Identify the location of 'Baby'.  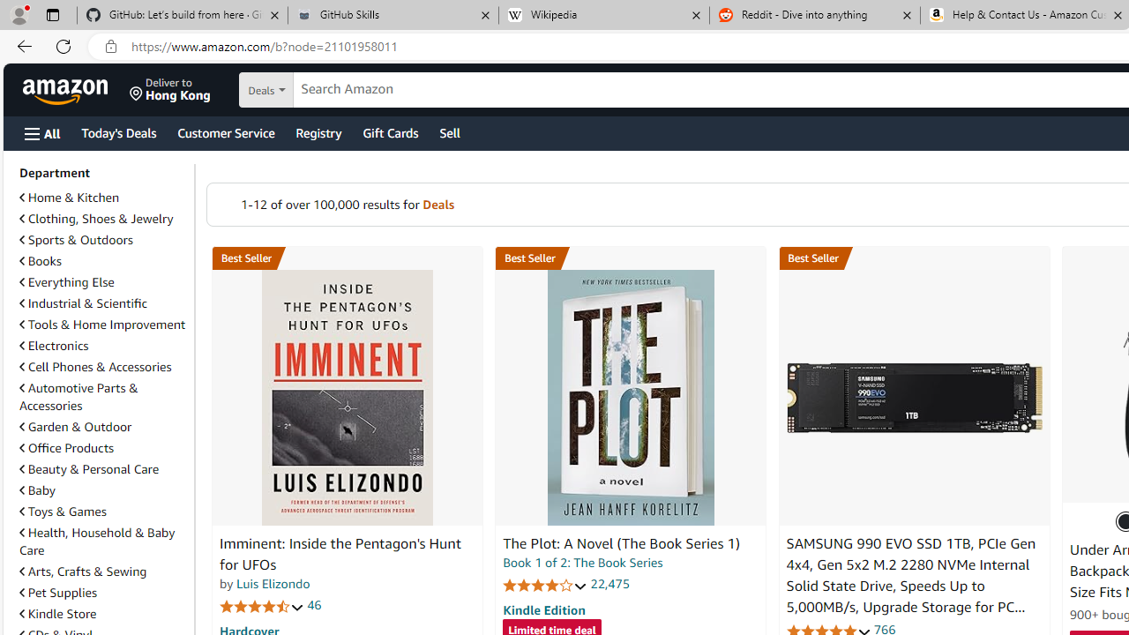
(37, 490).